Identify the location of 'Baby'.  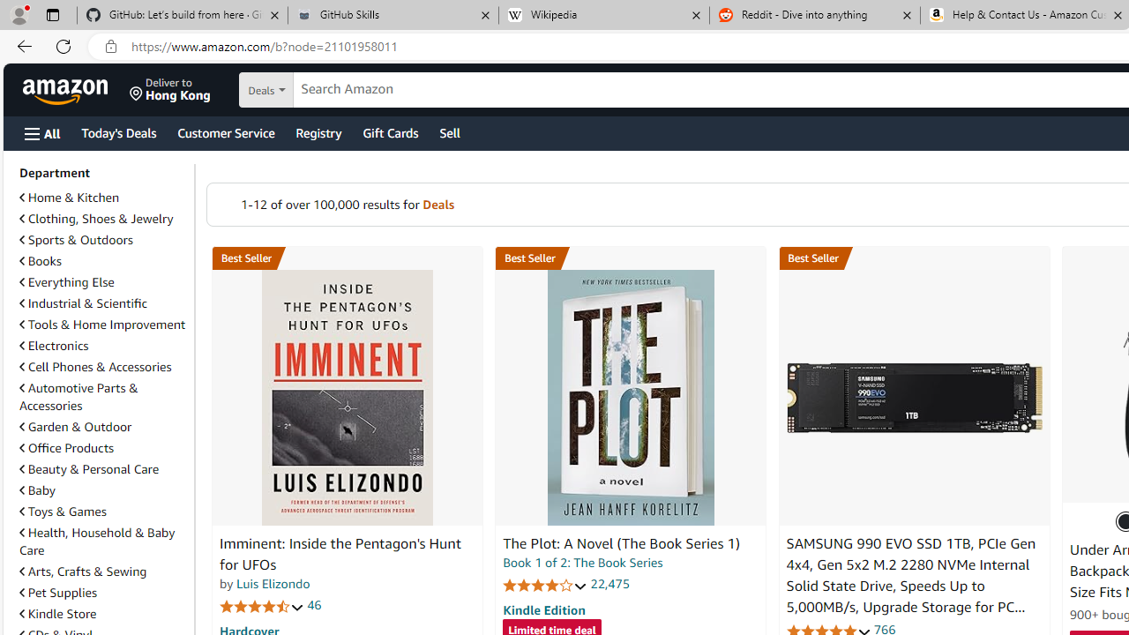
(37, 490).